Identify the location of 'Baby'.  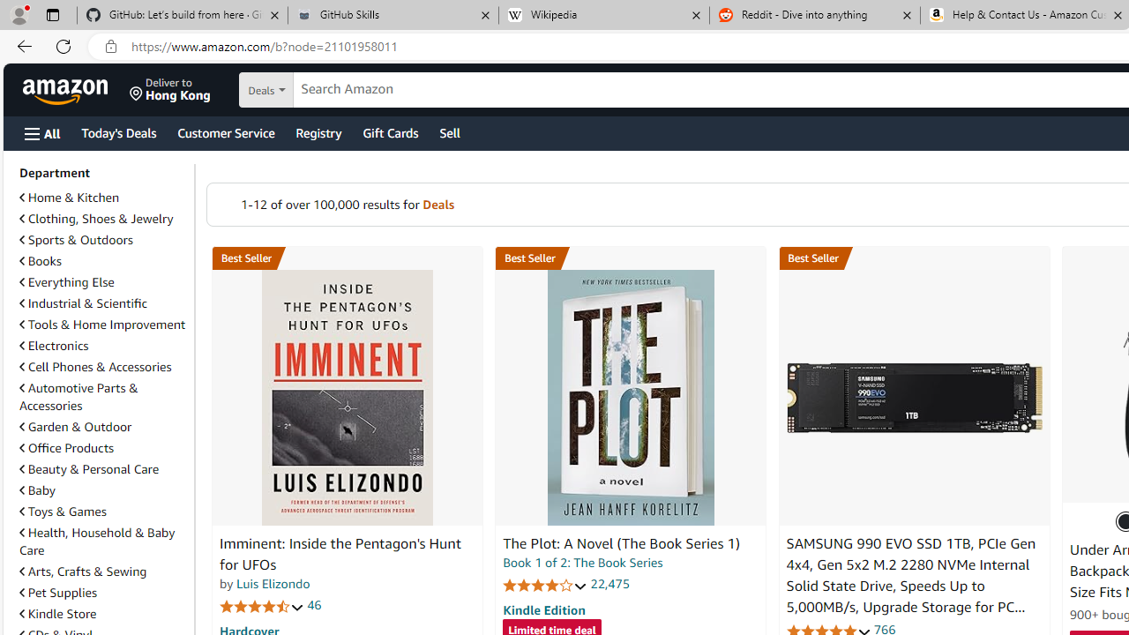
(37, 490).